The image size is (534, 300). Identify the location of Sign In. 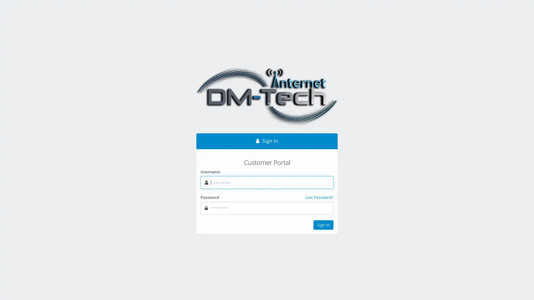
(323, 225).